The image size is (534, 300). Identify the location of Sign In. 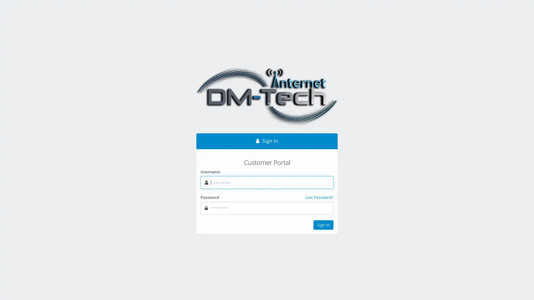
(323, 225).